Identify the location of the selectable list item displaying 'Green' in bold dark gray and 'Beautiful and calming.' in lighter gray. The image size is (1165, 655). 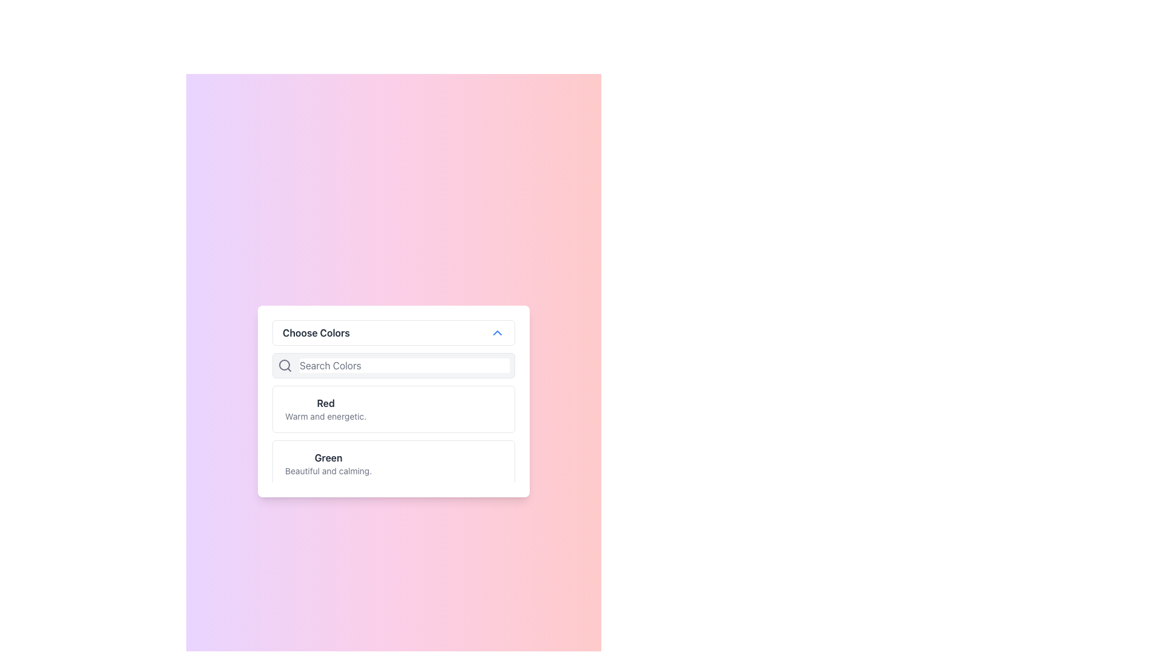
(328, 463).